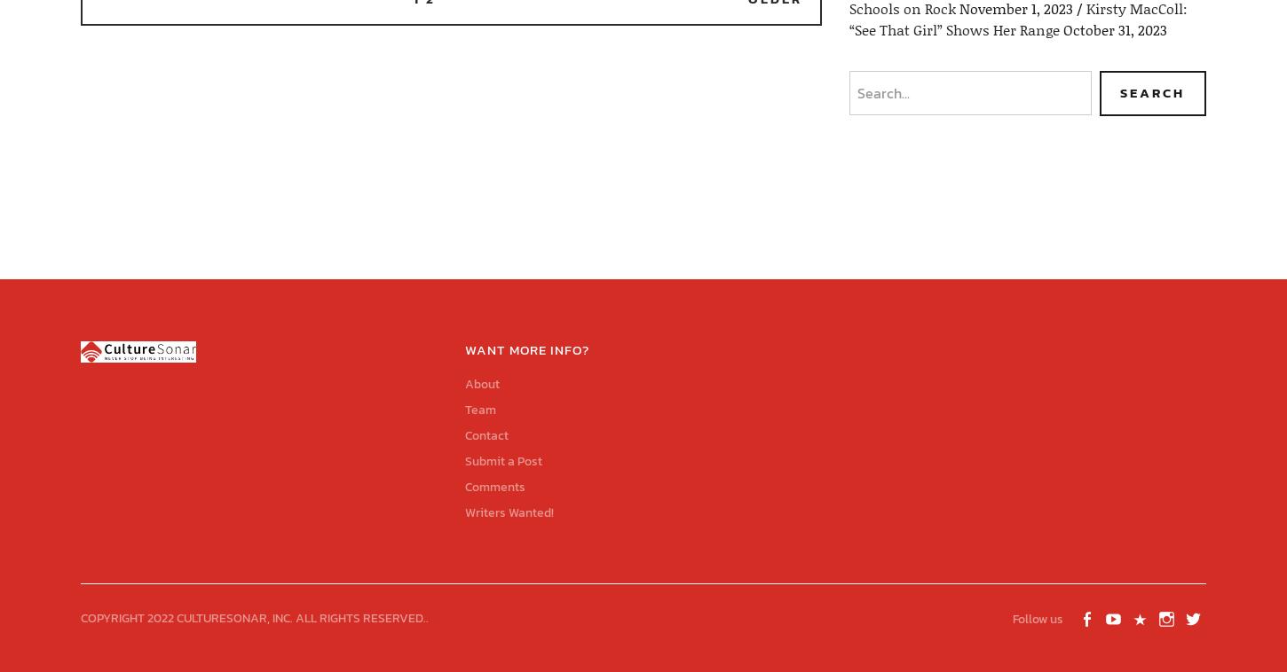  Describe the element at coordinates (1204, 645) in the screenshot. I see `'Twitter'` at that location.